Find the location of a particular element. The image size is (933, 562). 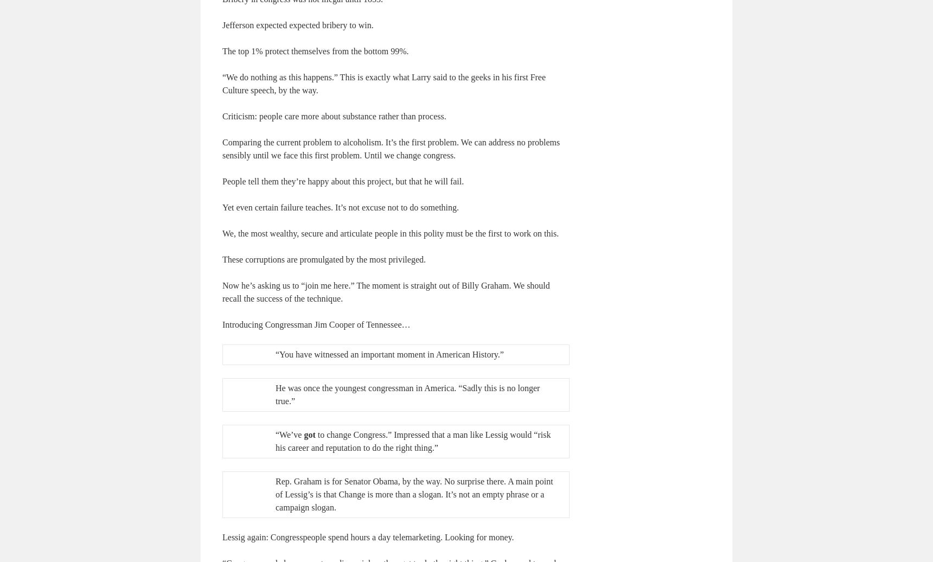

'People tell them they’re happy about this project, but that he will fail.' is located at coordinates (342, 181).